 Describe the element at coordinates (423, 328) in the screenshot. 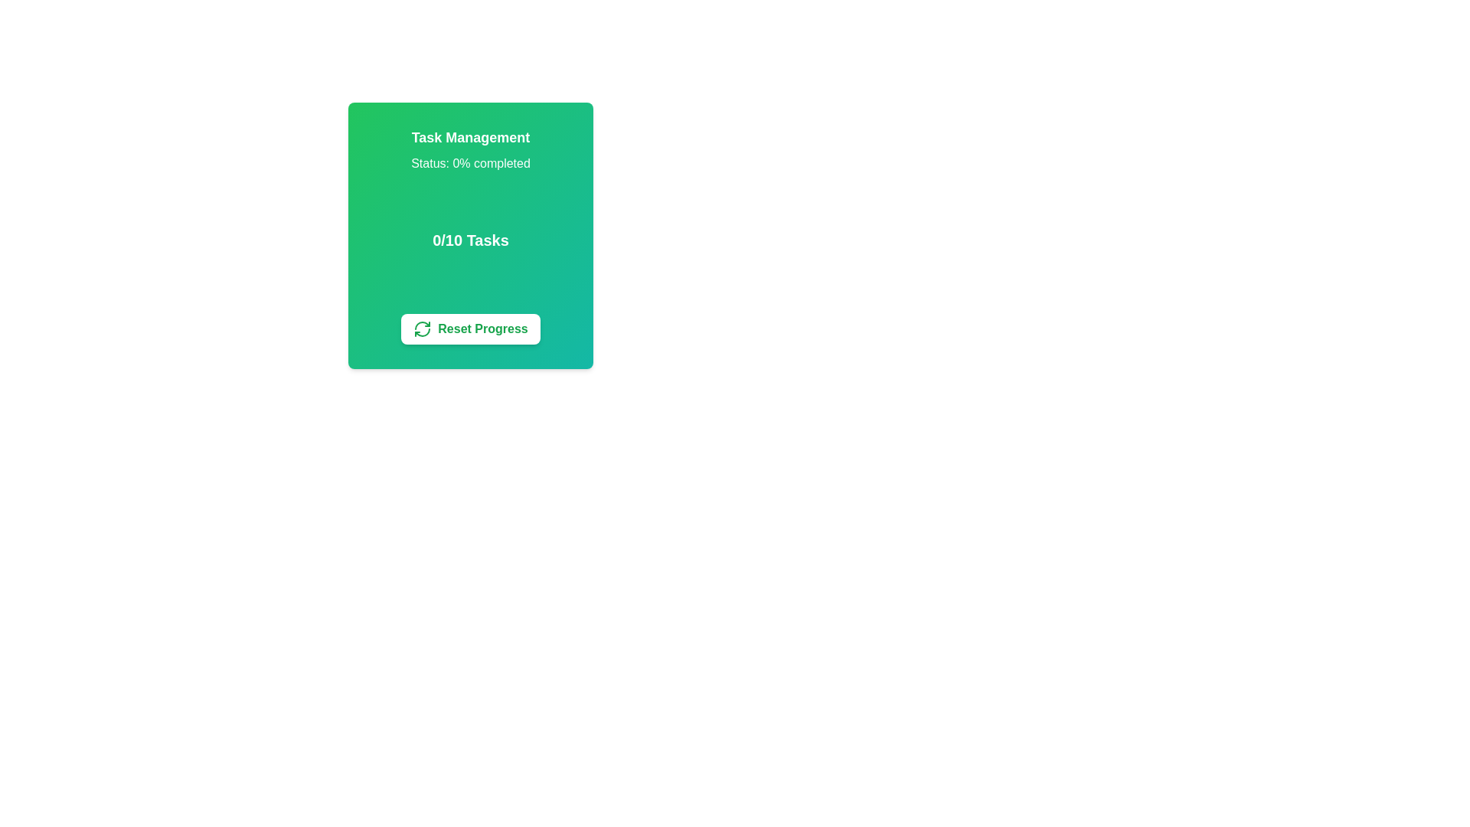

I see `the circular arrow icon representing the reset action, located above the 'Reset Progress' button in the task management card` at that location.